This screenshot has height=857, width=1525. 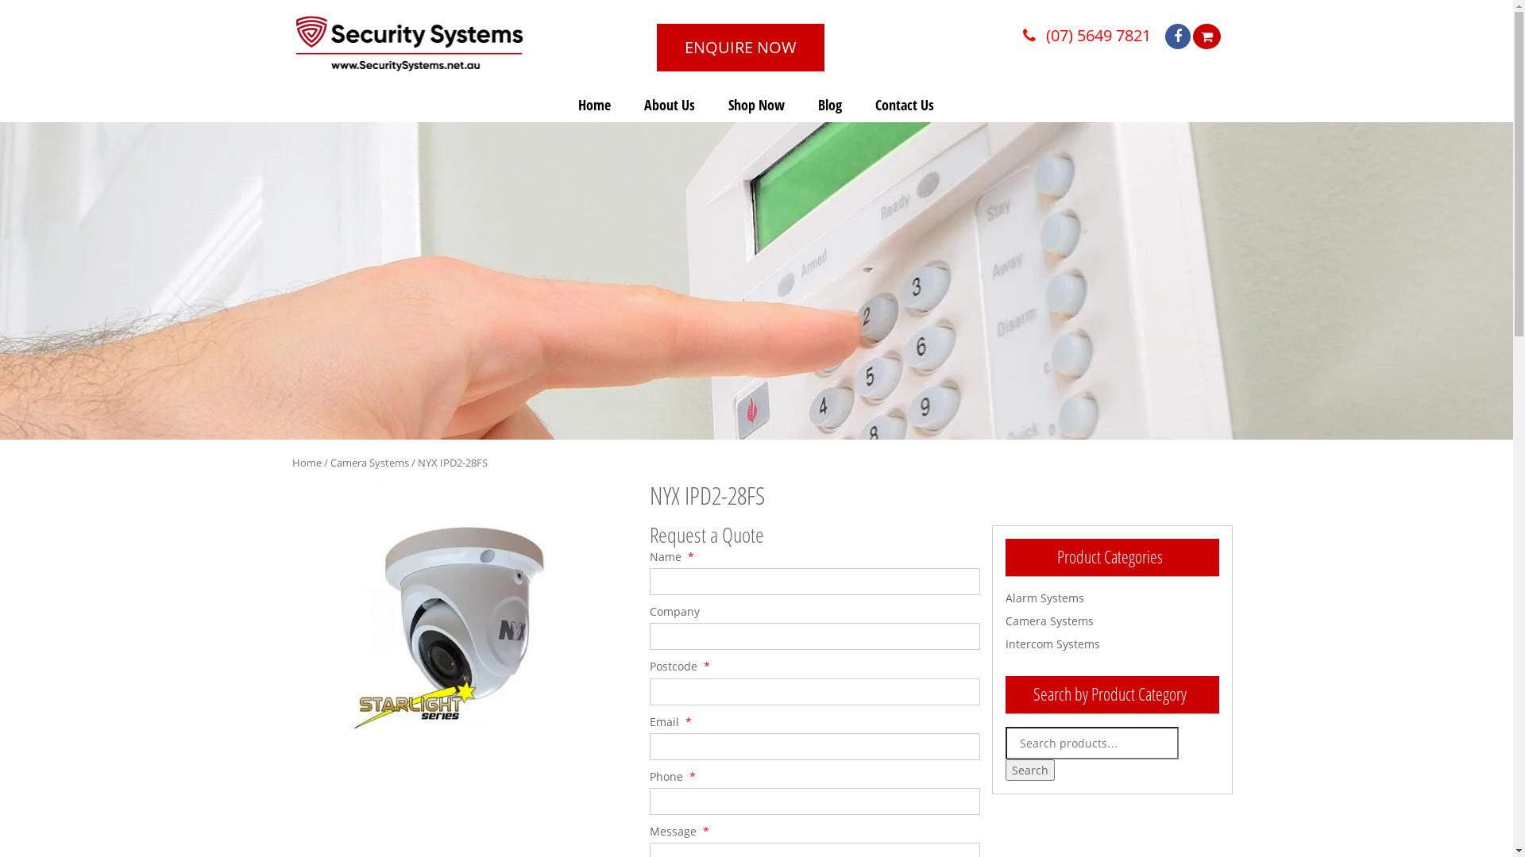 What do you see at coordinates (755, 104) in the screenshot?
I see `'Shop Now'` at bounding box center [755, 104].